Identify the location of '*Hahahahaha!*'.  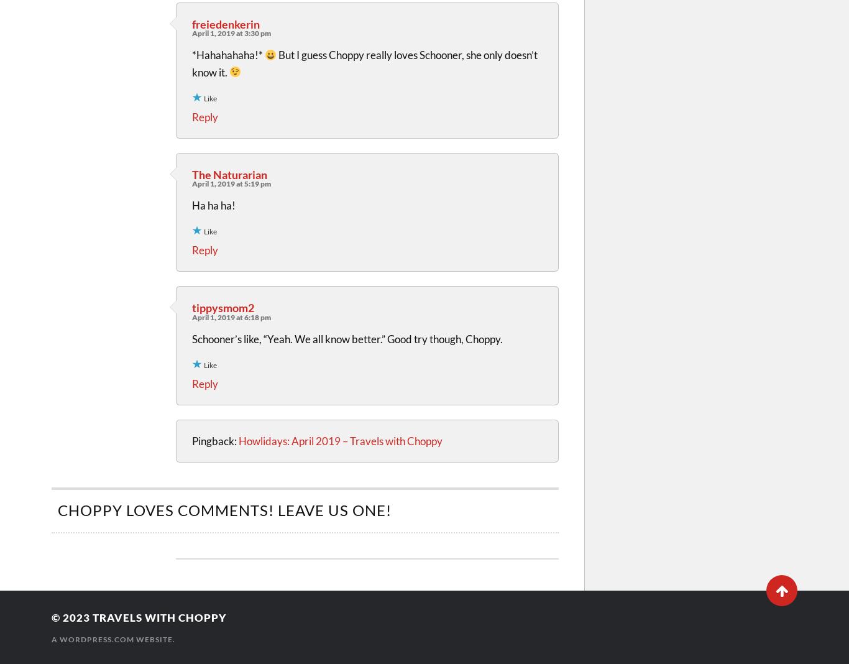
(227, 54).